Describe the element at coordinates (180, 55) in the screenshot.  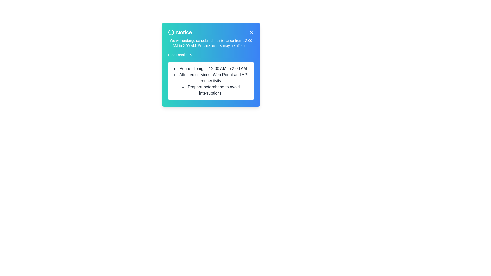
I see `the 'Hide Details' button to toggle the visibility of the details section` at that location.